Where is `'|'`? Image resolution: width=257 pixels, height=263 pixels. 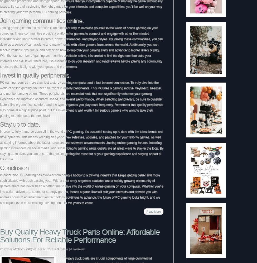 '|' is located at coordinates (69, 249).